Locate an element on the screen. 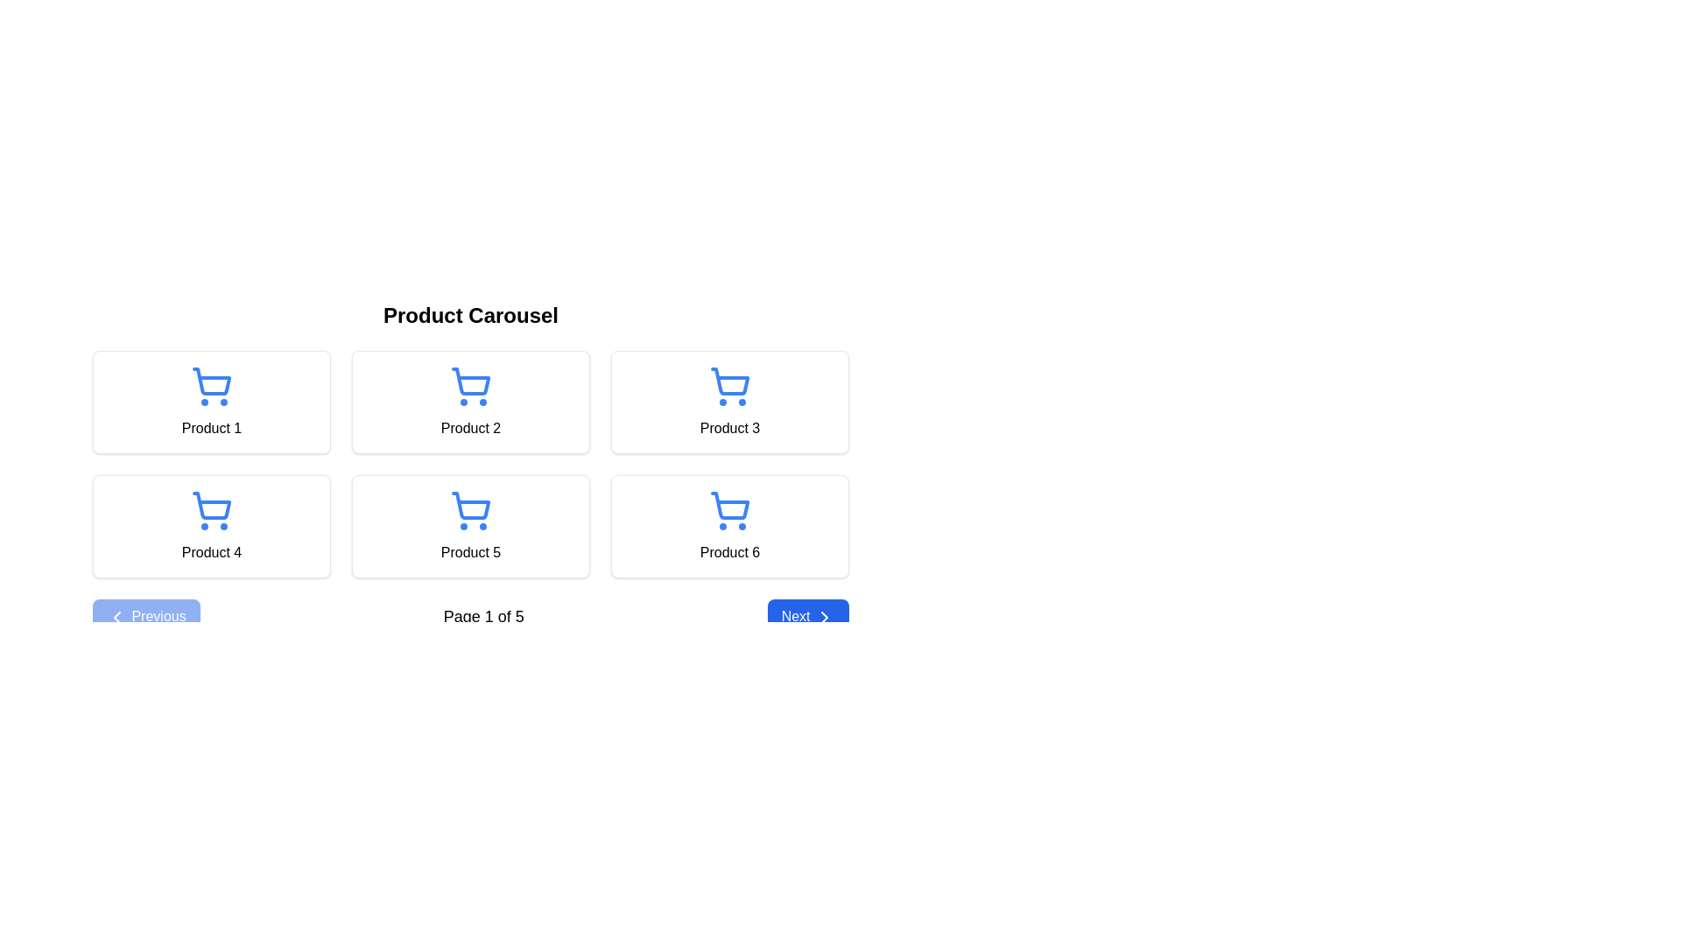  the navigation button located at the bottom of the interface, following the text 'Page 1 of 5' and the 'Previous' button is located at coordinates (807, 616).